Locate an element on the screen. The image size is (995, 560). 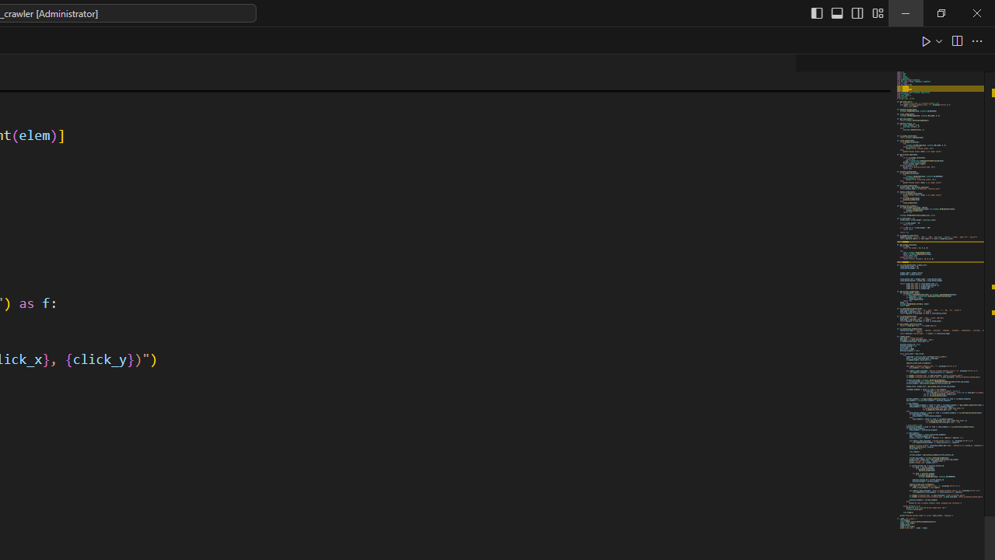
'More Actions...' is located at coordinates (976, 40).